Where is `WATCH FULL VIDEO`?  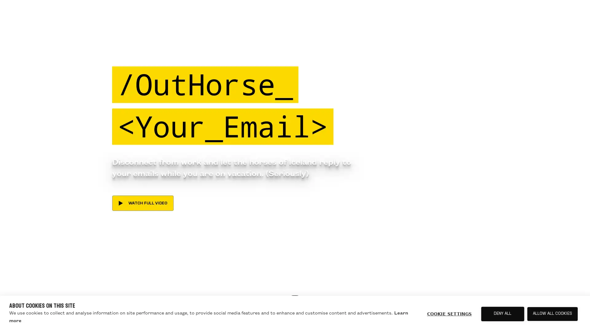 WATCH FULL VIDEO is located at coordinates (143, 203).